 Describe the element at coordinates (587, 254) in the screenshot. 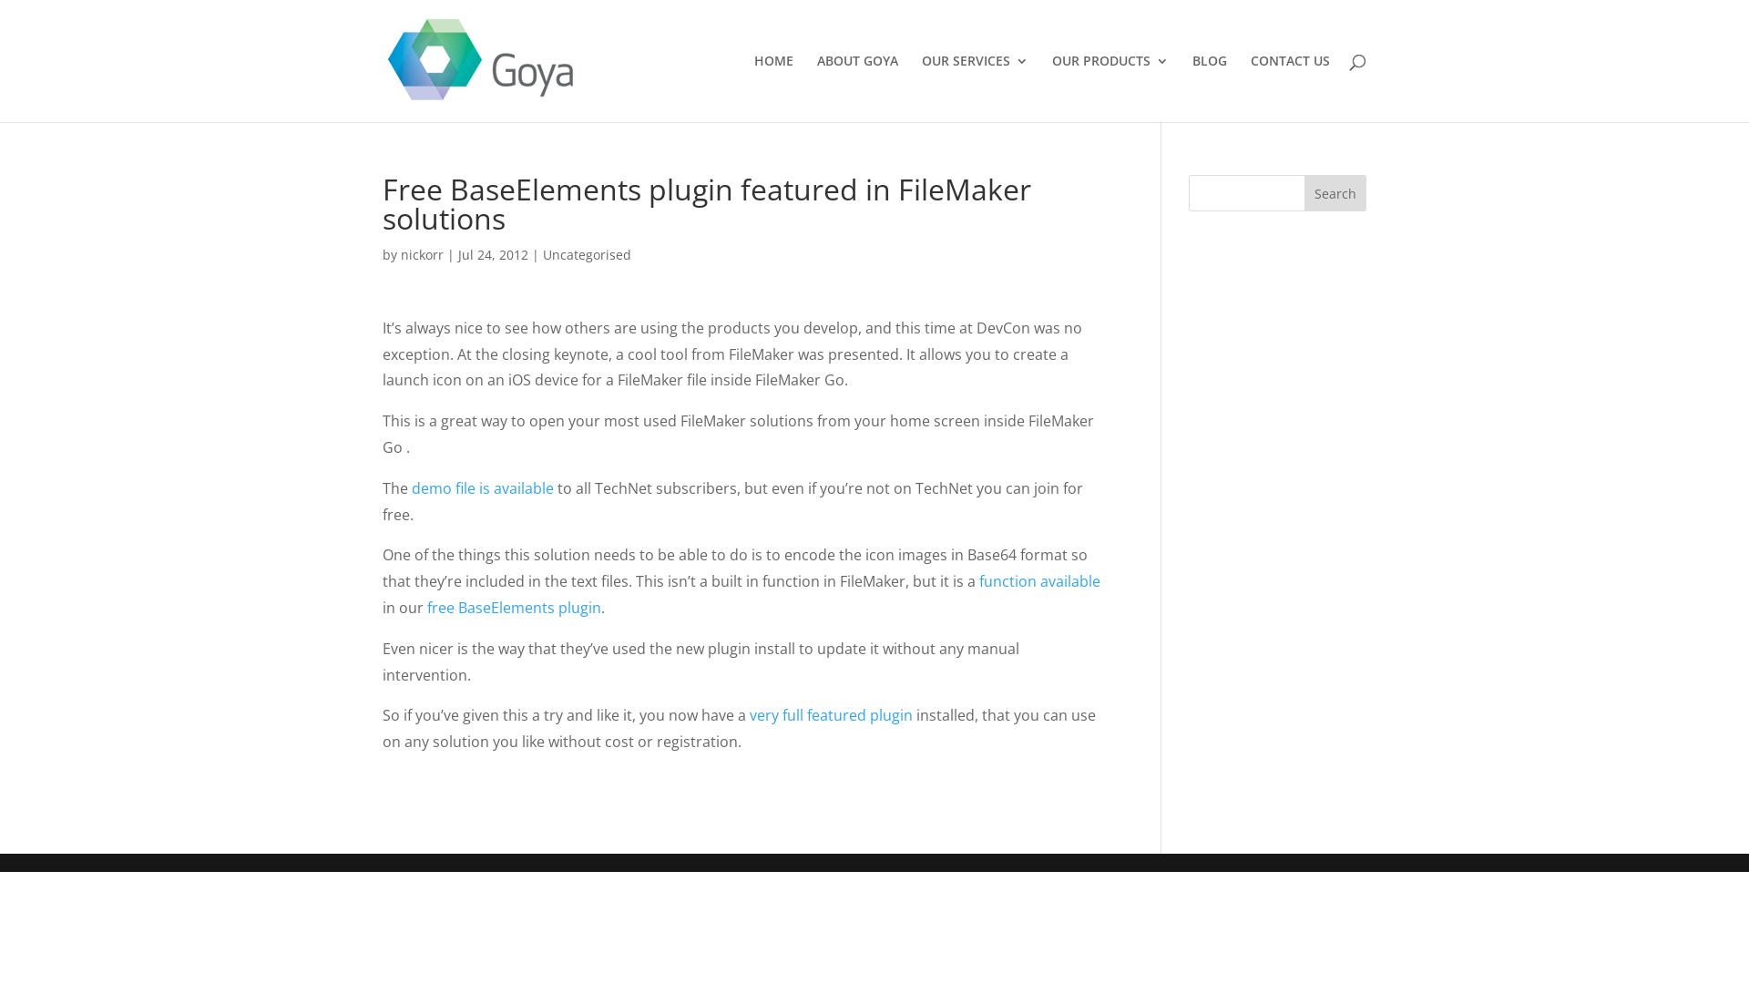

I see `'Uncategorised'` at that location.